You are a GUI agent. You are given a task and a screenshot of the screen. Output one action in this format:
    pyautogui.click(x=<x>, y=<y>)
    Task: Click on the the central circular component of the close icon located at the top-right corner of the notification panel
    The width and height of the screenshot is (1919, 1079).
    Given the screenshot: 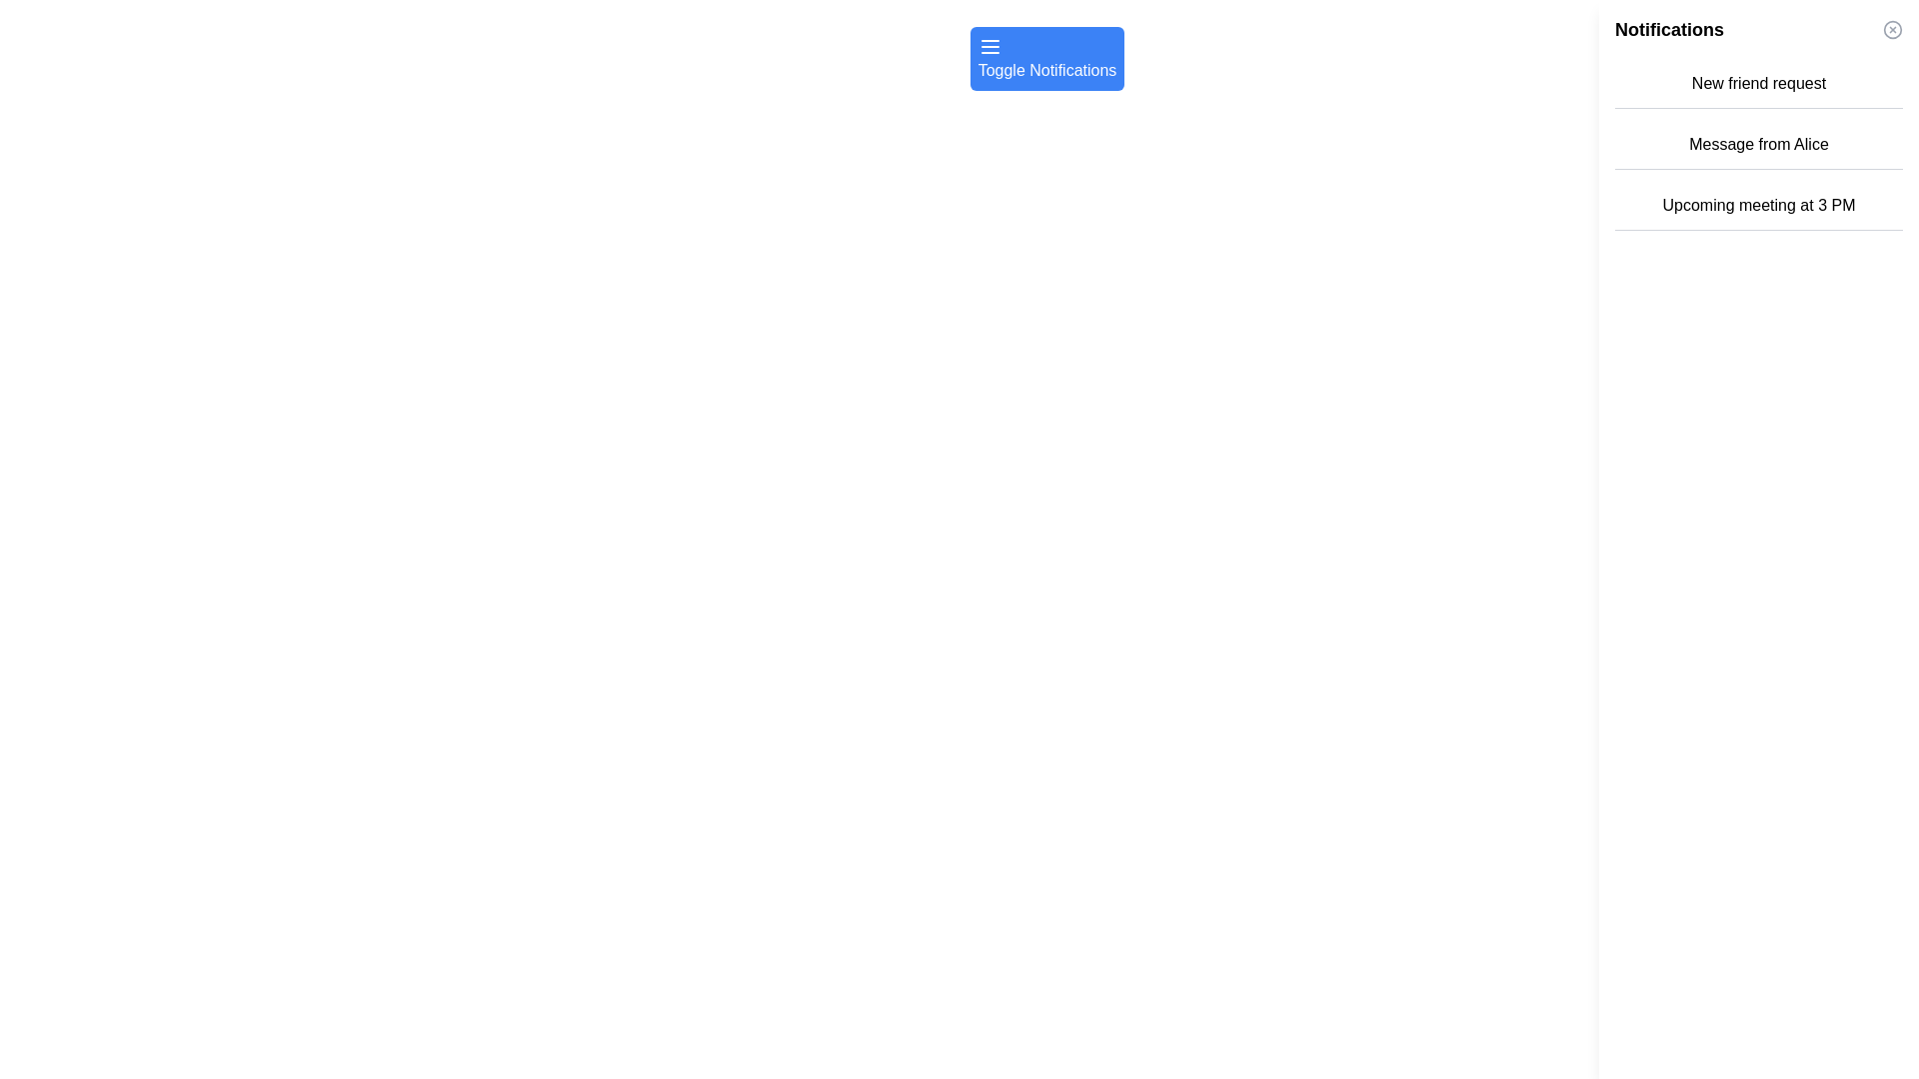 What is the action you would take?
    pyautogui.click(x=1892, y=30)
    